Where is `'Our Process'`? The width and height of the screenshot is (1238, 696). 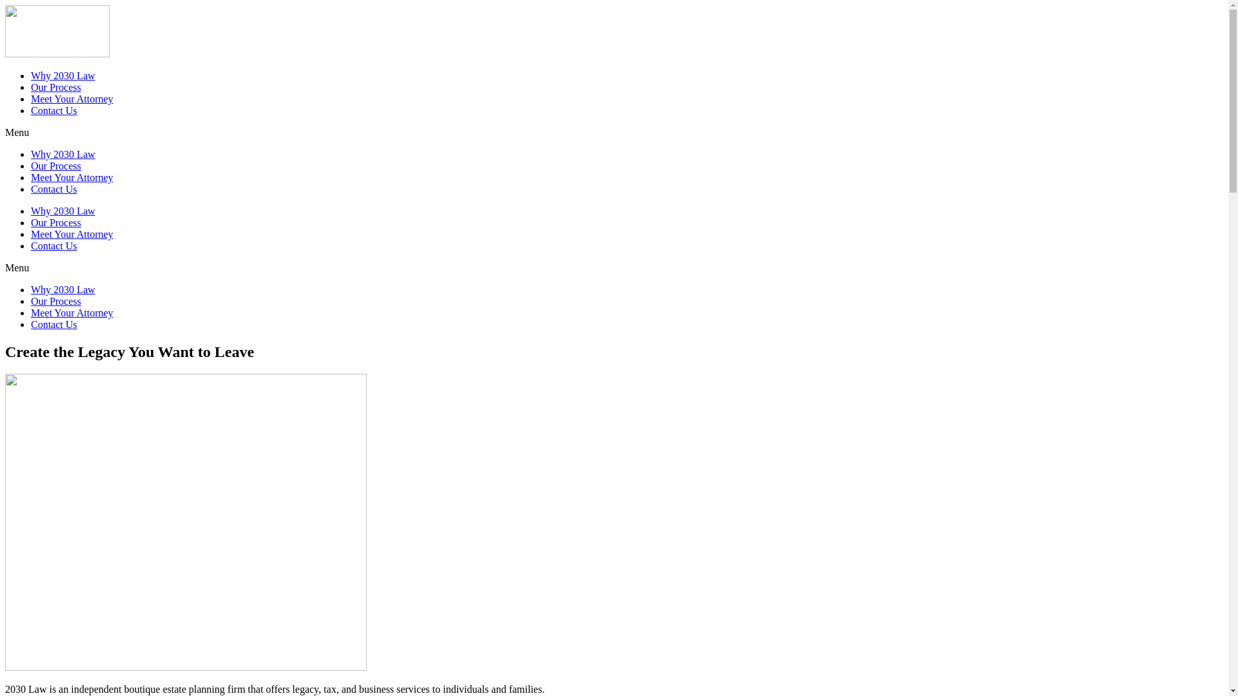
'Our Process' is located at coordinates (55, 222).